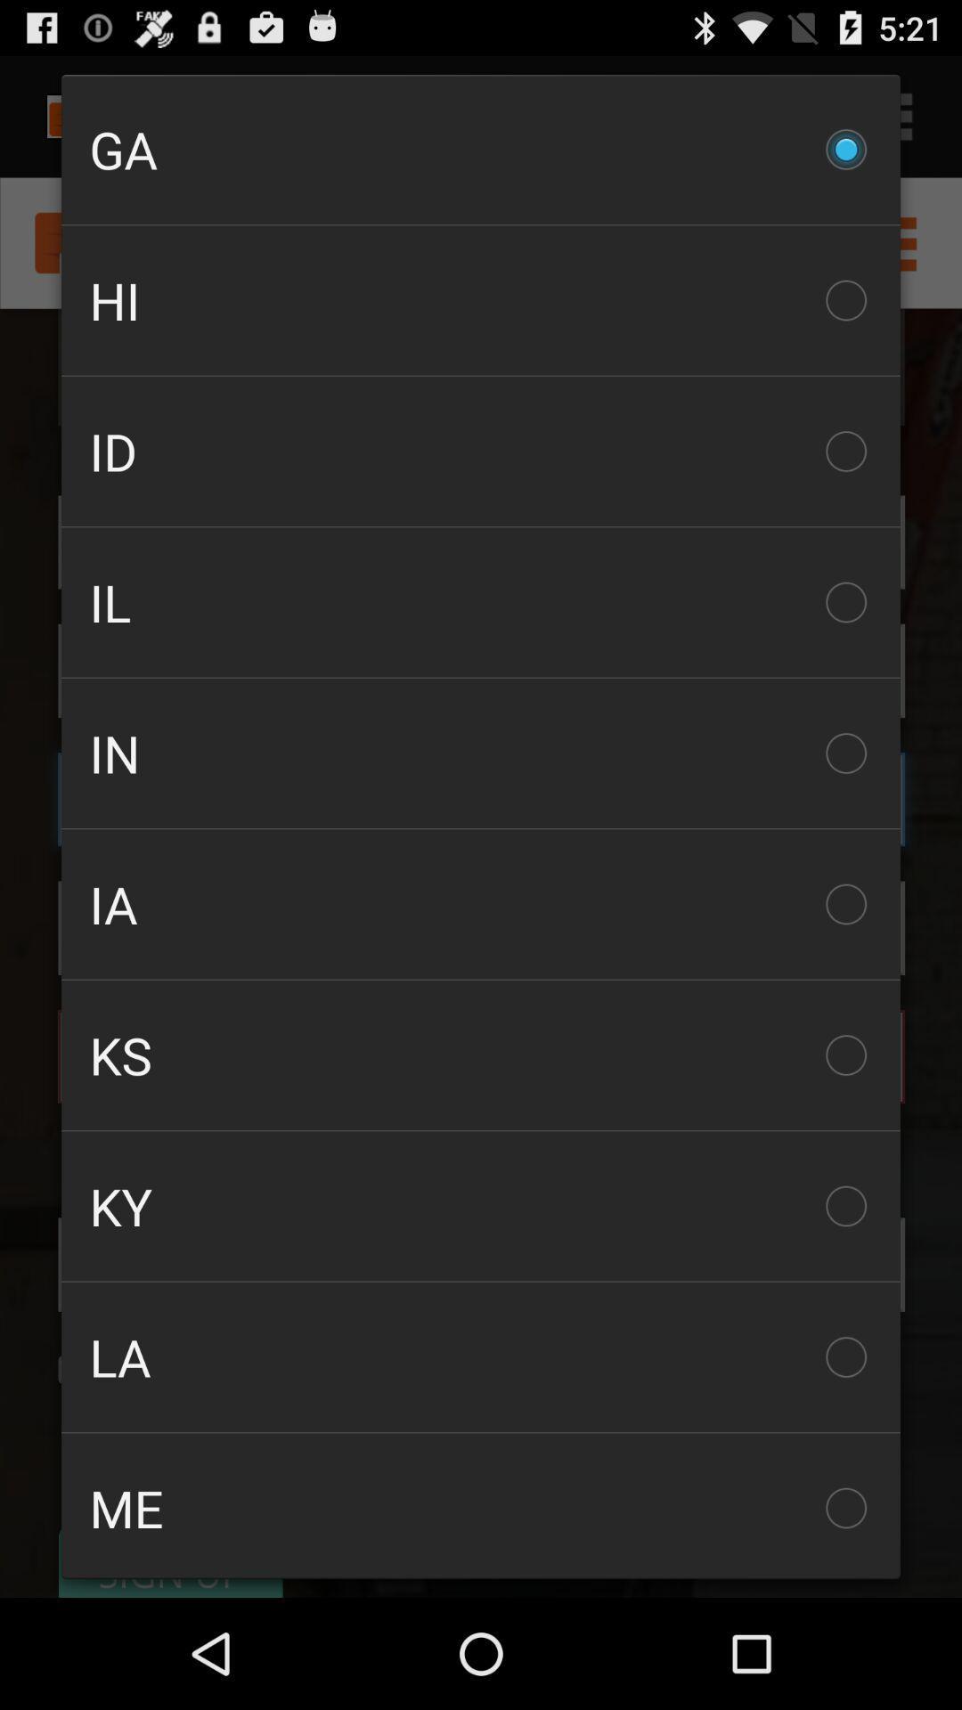  Describe the element at coordinates (481, 1505) in the screenshot. I see `the me icon` at that location.